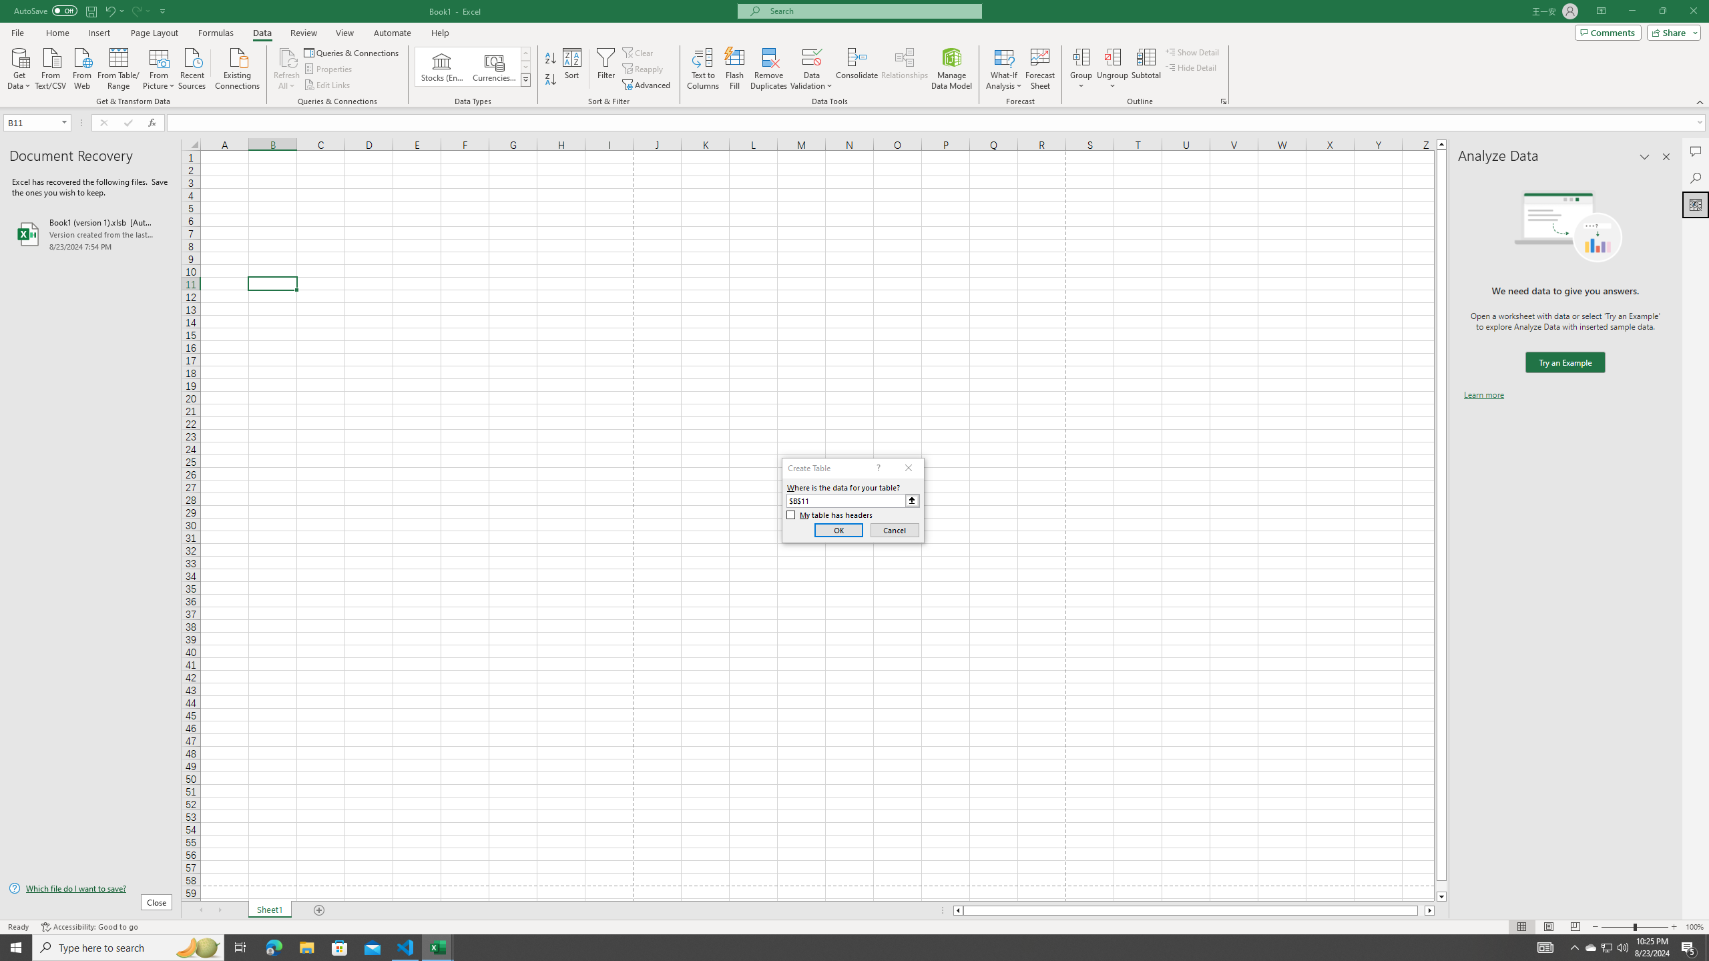 The width and height of the screenshot is (1709, 961). I want to click on 'Hide Detail', so click(1191, 66).